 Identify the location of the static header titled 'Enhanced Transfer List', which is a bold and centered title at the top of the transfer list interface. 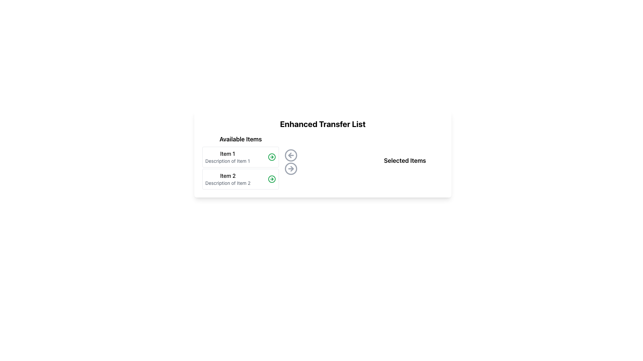
(323, 124).